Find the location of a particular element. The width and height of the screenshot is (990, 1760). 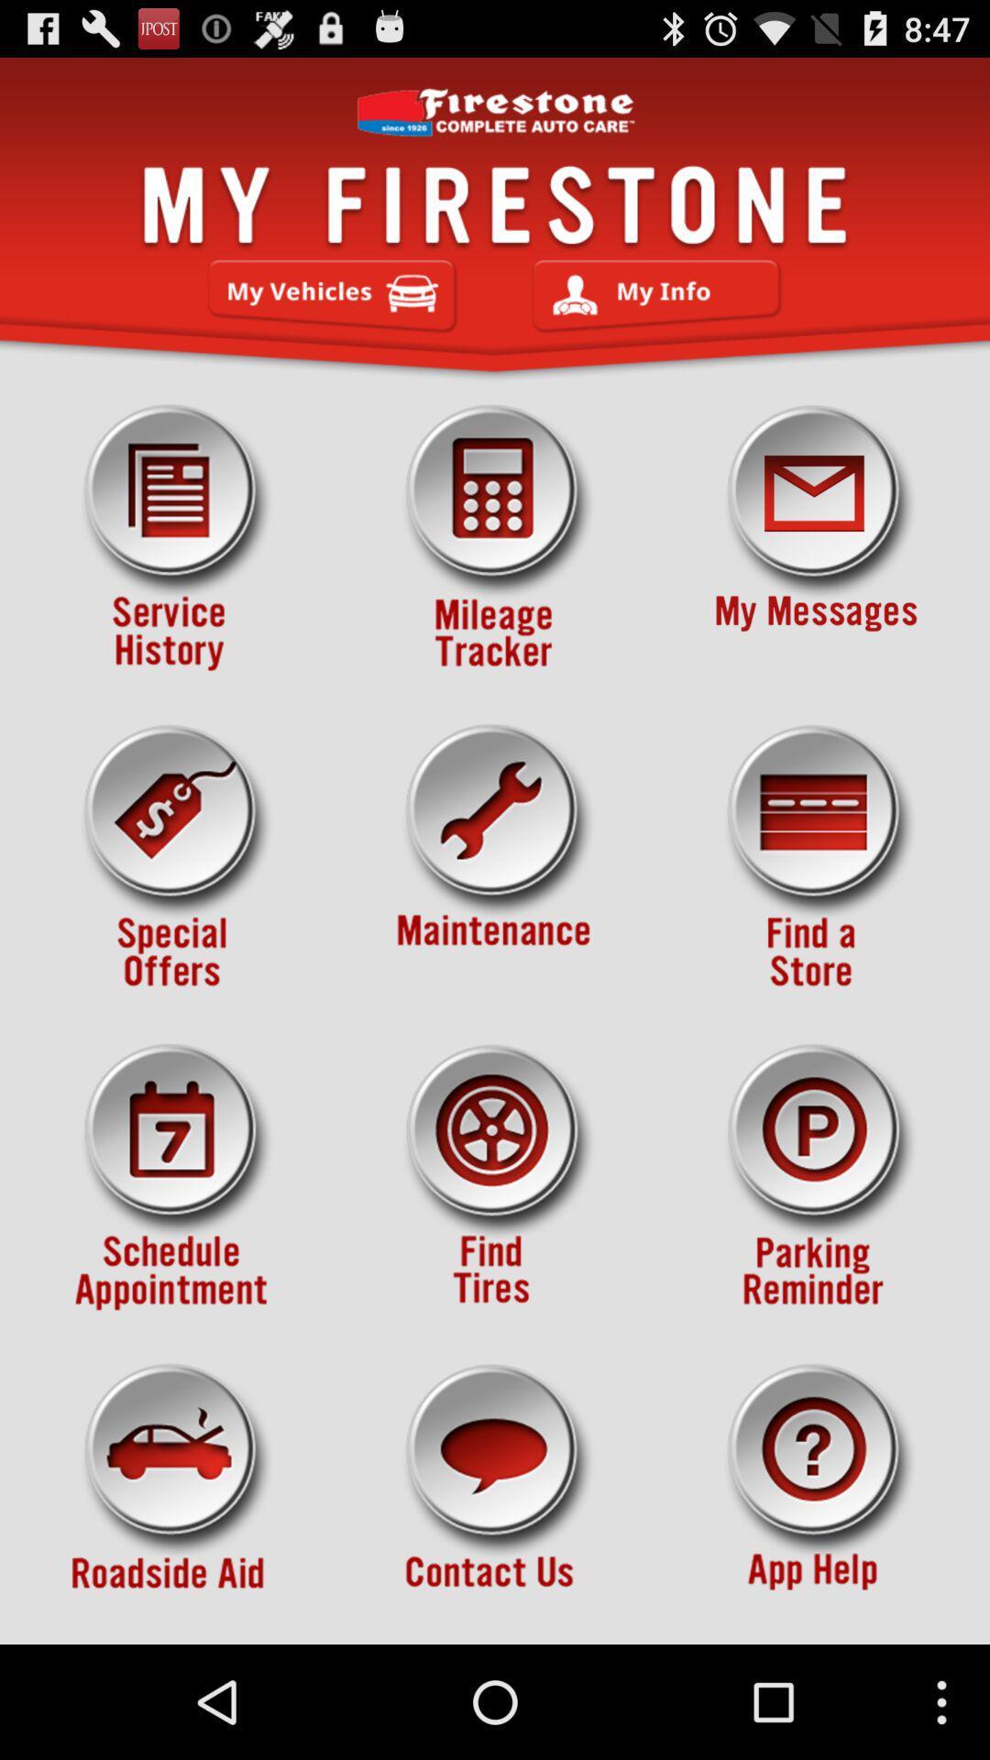

the app help bar is located at coordinates (816, 1497).